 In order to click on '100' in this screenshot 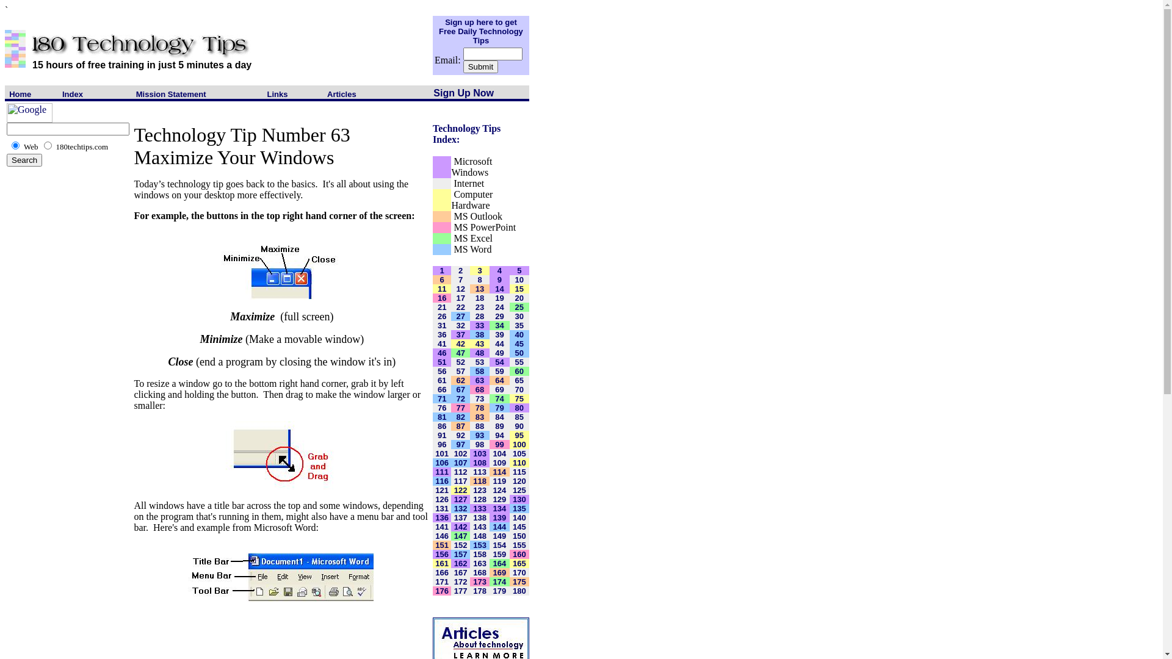, I will do `click(519, 444)`.